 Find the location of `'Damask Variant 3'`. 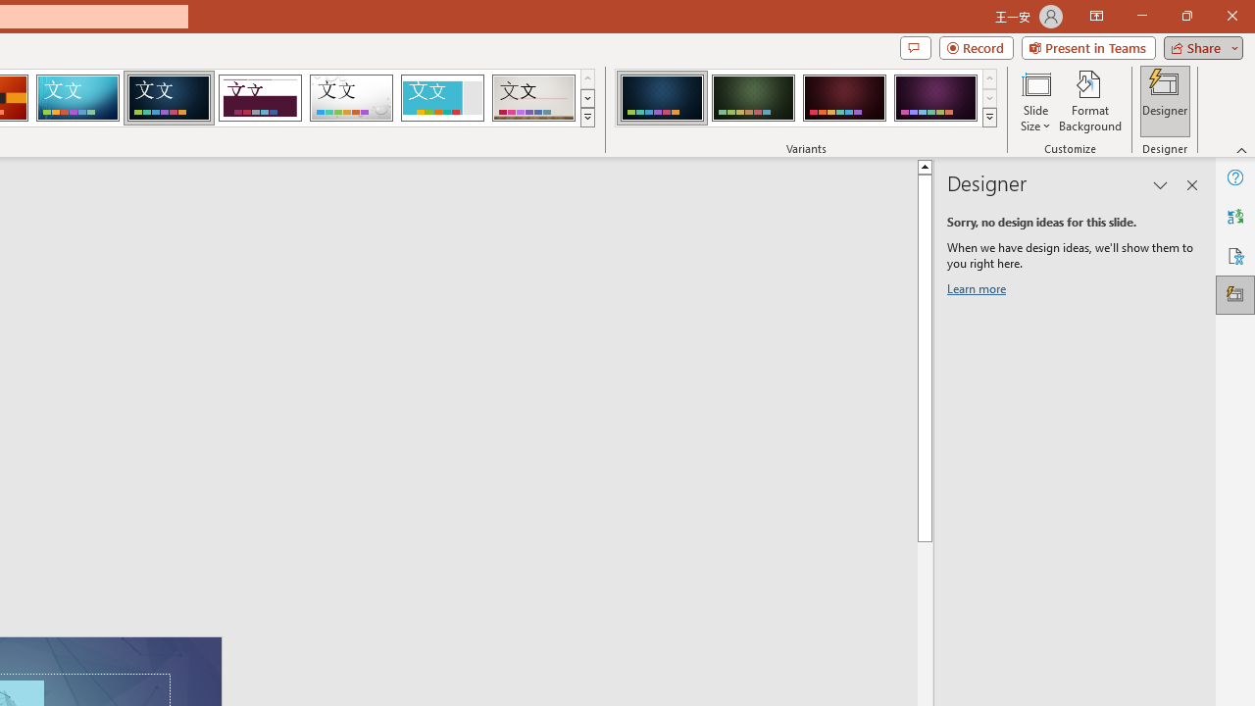

'Damask Variant 3' is located at coordinates (844, 98).